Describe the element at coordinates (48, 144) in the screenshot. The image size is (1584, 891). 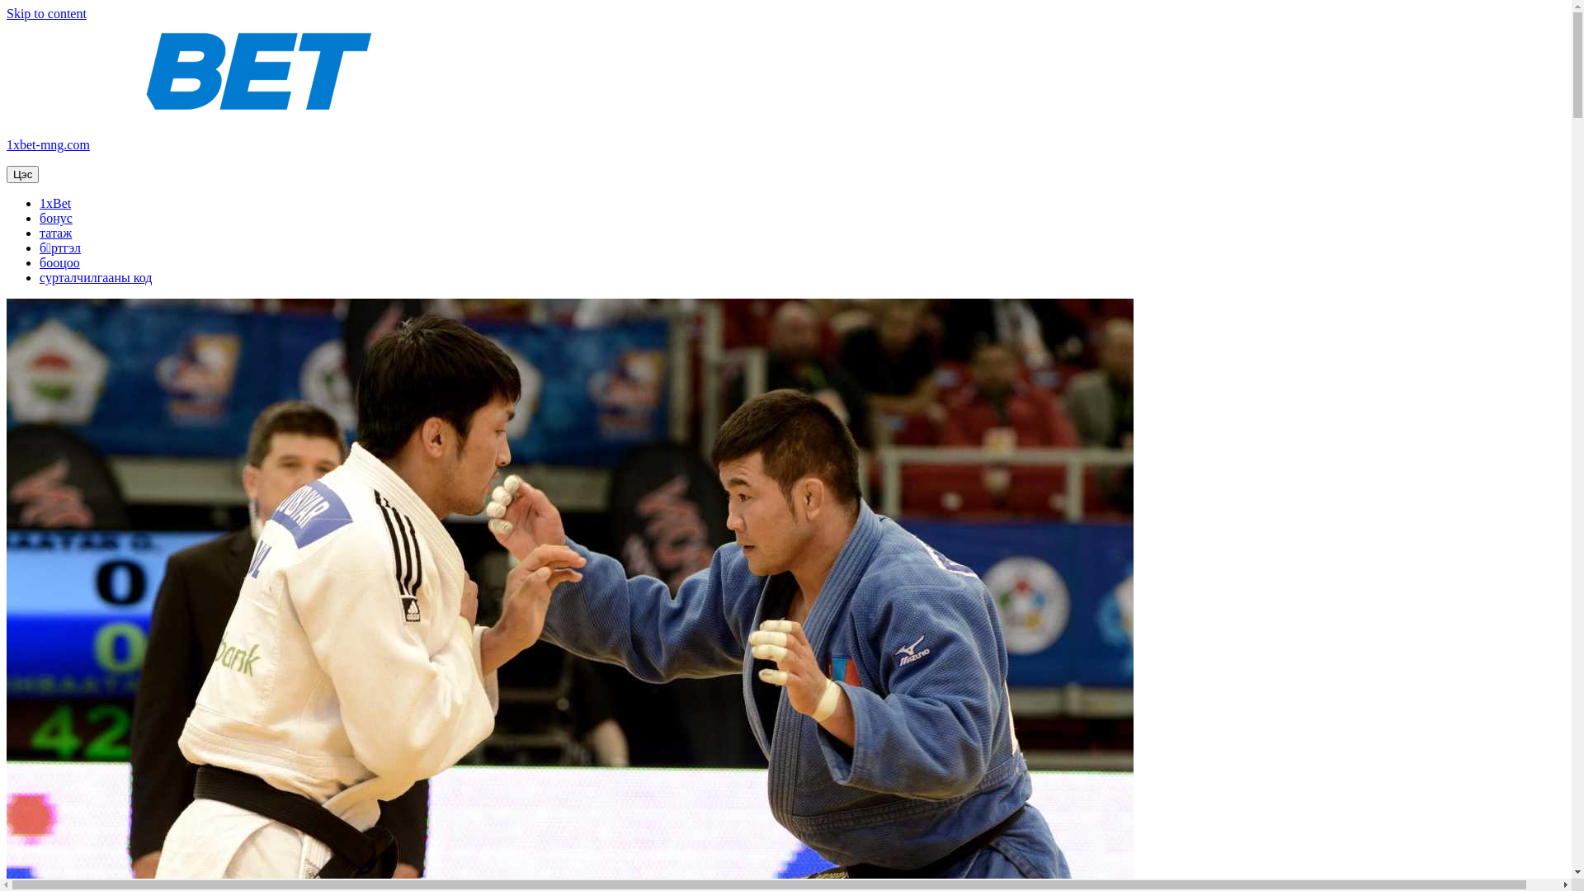
I see `'1xbet-mng.com'` at that location.